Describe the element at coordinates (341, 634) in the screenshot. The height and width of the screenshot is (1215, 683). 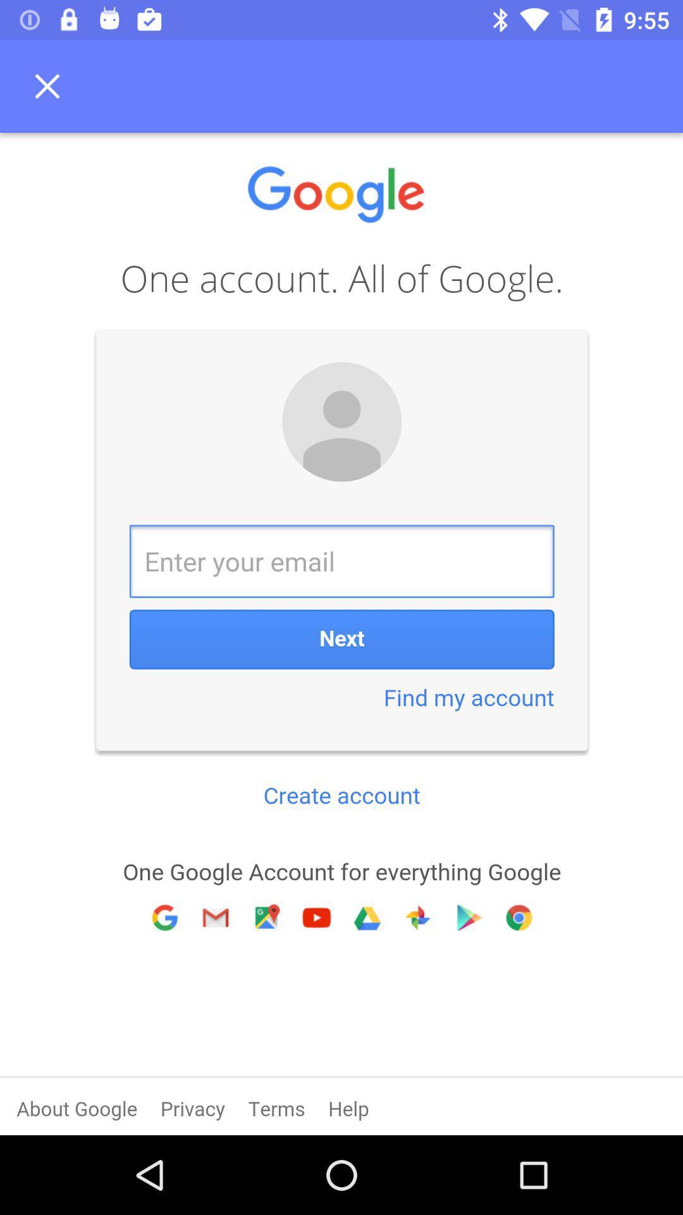
I see `profaneness` at that location.